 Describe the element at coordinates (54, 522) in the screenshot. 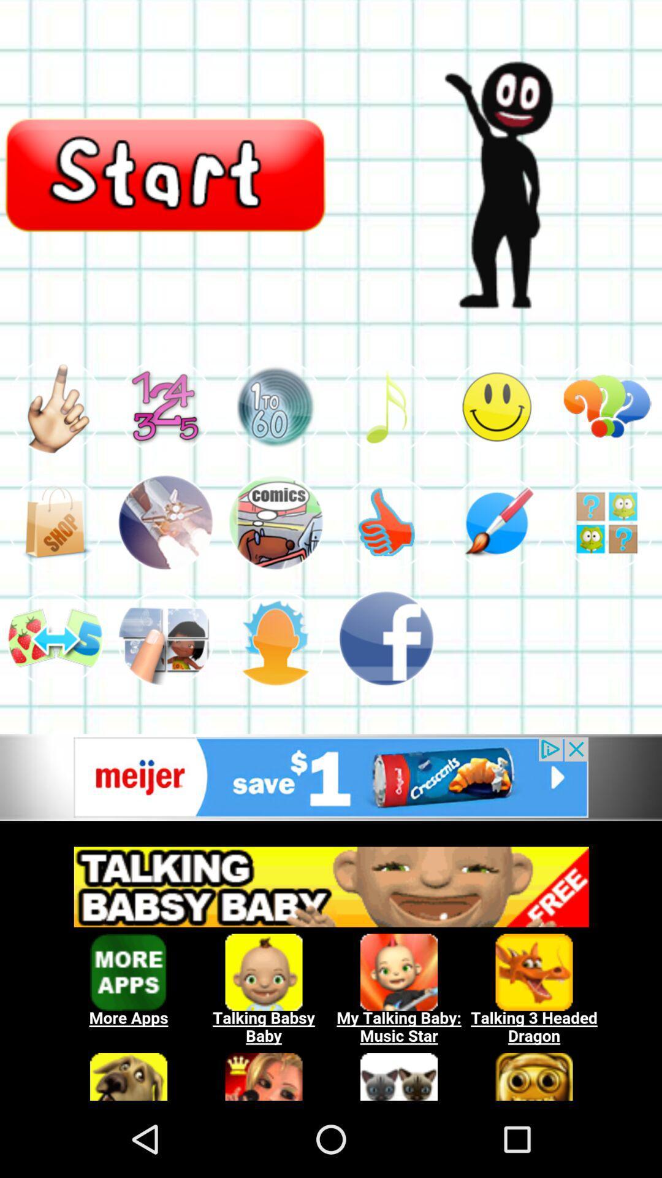

I see `open shop` at that location.